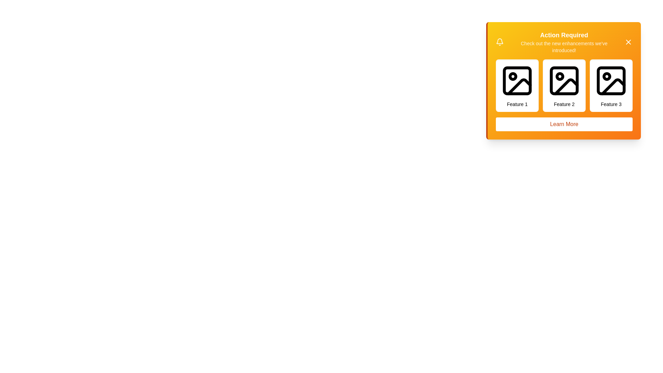 This screenshot has height=373, width=663. What do you see at coordinates (517, 85) in the screenshot?
I see `the 'Feature 1' element to inspect its image or text` at bounding box center [517, 85].